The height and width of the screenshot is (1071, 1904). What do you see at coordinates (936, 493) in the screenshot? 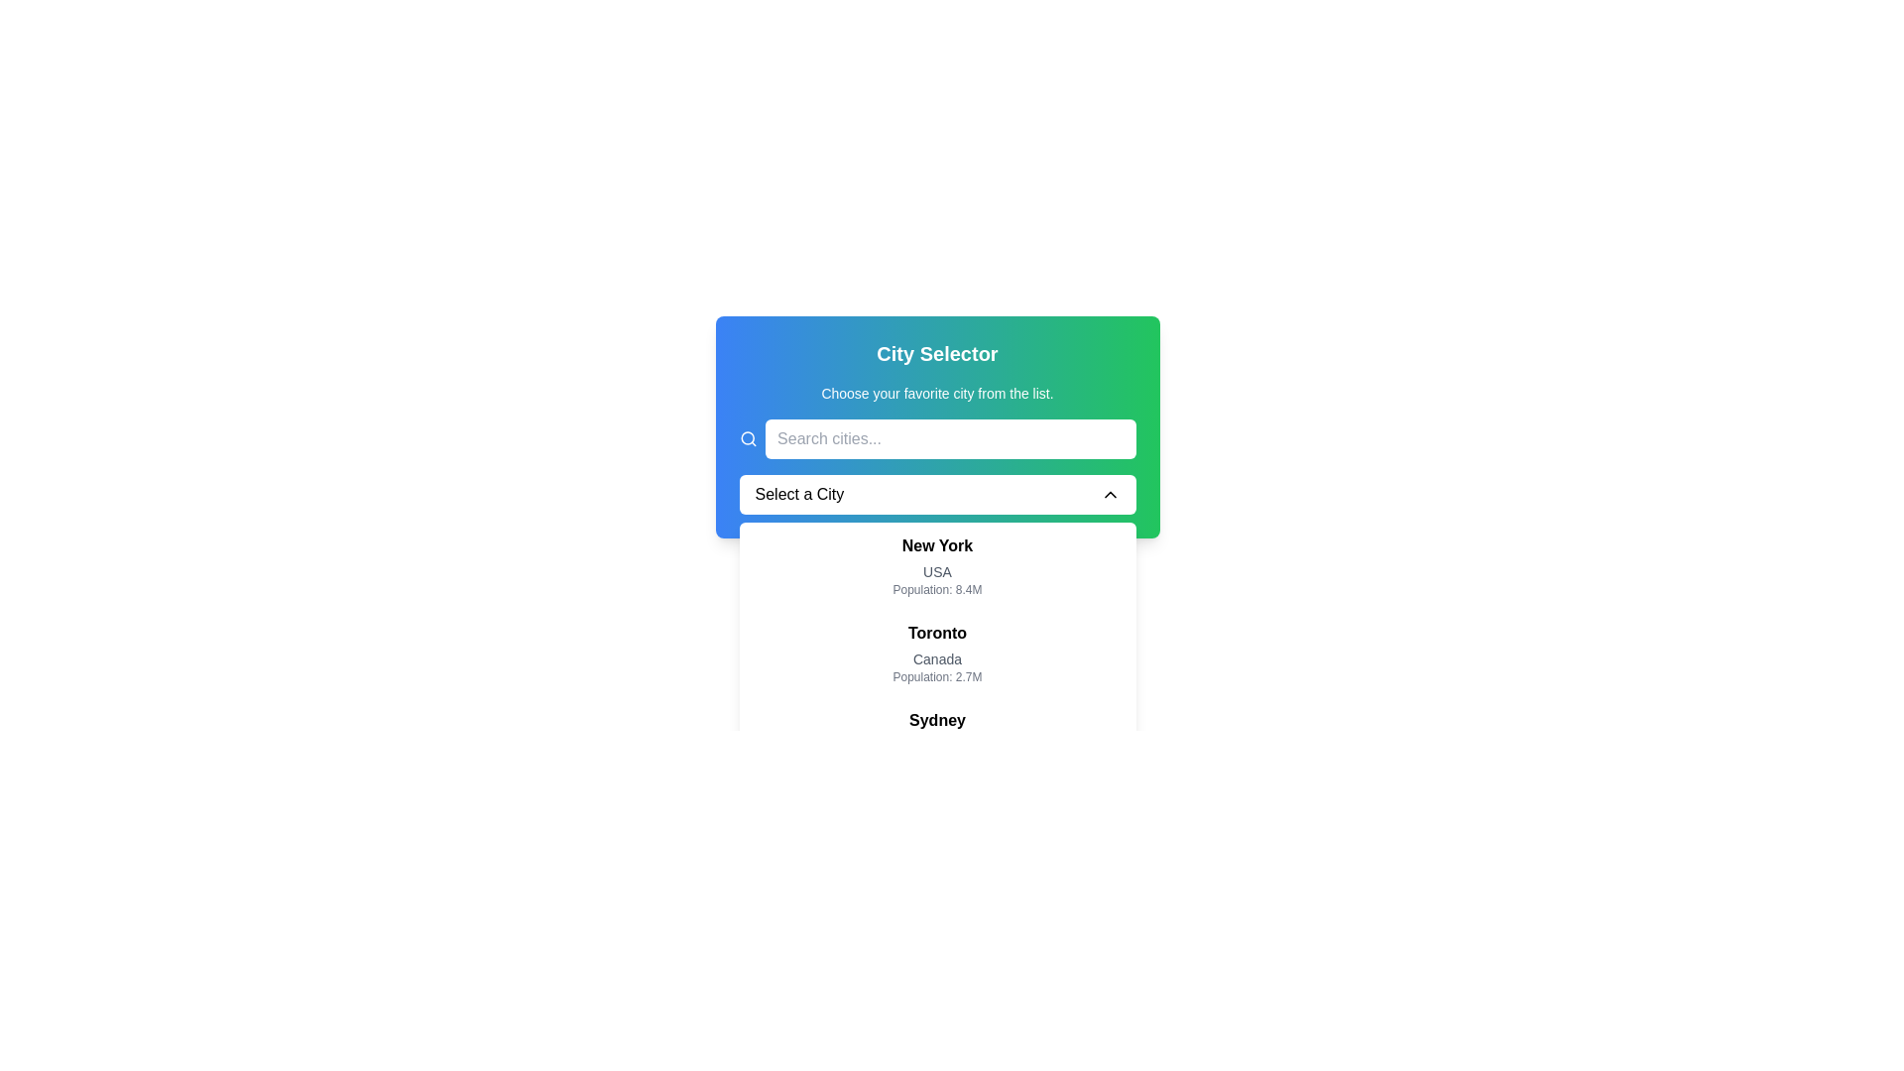
I see `the rectangular dropdown menu labeled 'Select a City'` at bounding box center [936, 493].